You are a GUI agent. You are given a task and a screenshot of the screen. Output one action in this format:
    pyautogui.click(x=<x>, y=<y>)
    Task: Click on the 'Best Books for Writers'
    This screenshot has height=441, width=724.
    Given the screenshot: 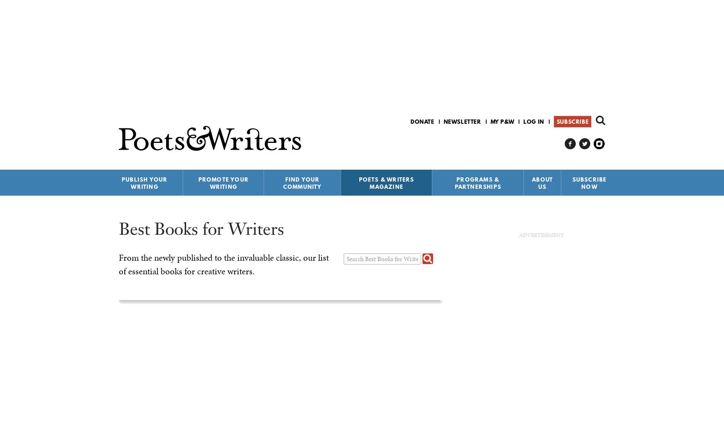 What is the action you would take?
    pyautogui.click(x=118, y=228)
    